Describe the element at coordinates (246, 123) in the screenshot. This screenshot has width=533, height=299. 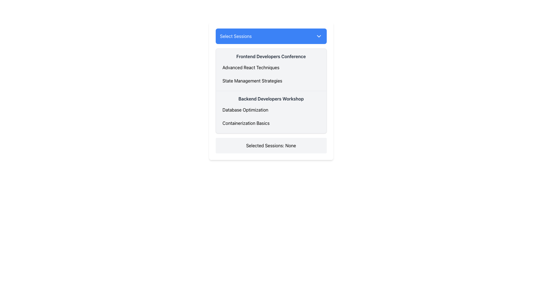
I see `the 'Containerization Basics' option in the dropdown menu under 'Select Sessions'` at that location.